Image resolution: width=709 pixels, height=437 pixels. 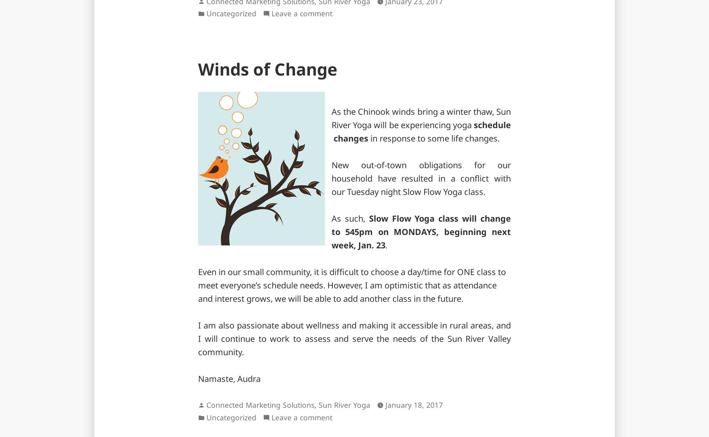 I want to click on 'Winds of Change', so click(x=267, y=68).